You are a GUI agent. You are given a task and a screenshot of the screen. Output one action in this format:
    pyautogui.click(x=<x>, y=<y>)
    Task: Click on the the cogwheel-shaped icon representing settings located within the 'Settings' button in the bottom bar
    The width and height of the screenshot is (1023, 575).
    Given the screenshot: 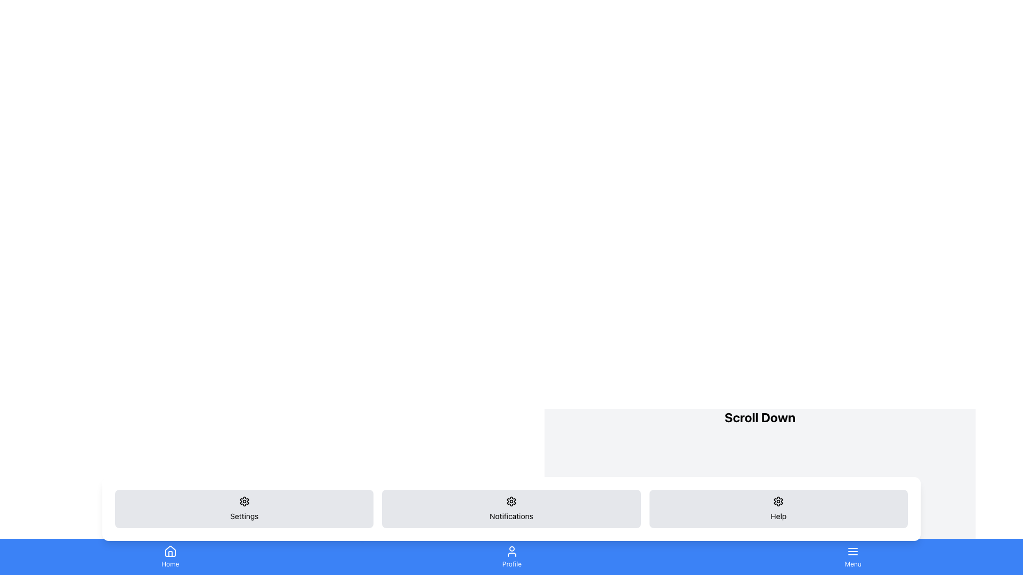 What is the action you would take?
    pyautogui.click(x=243, y=501)
    